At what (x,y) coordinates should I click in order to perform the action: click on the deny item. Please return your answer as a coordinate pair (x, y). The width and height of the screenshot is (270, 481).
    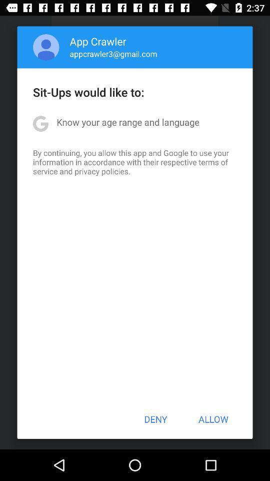
    Looking at the image, I should click on (155, 419).